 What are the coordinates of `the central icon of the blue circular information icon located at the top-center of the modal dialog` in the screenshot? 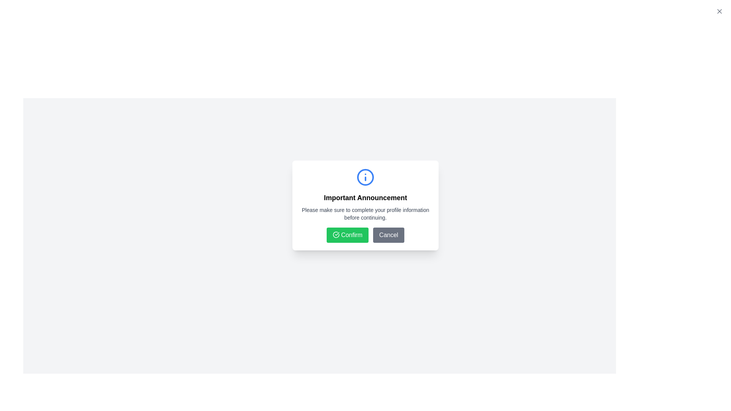 It's located at (365, 177).